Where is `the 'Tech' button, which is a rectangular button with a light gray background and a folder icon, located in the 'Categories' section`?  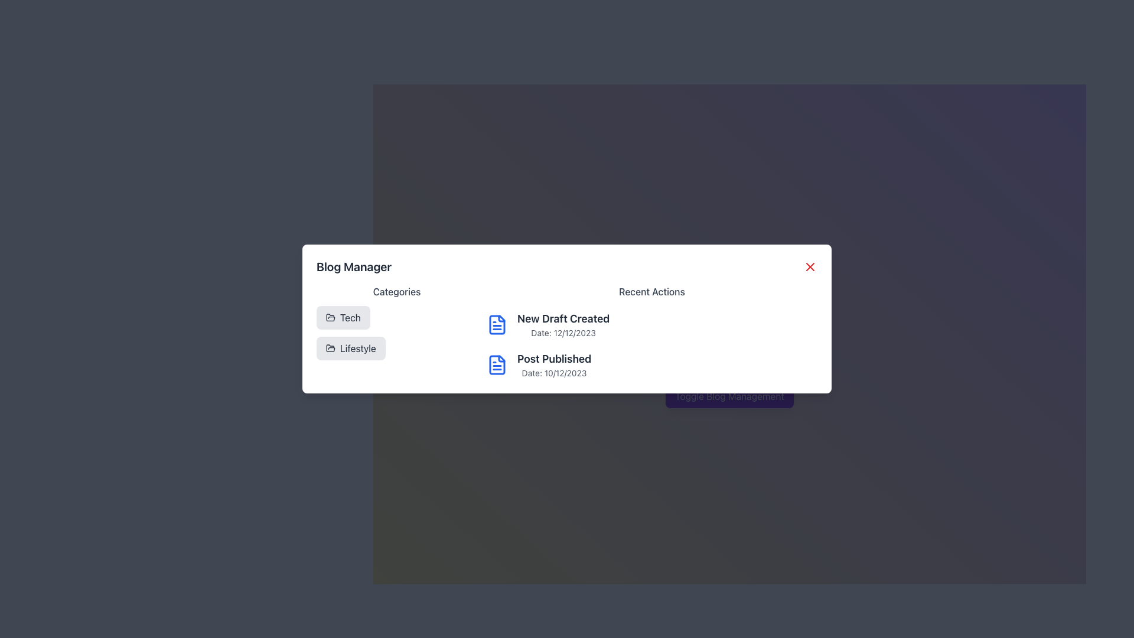
the 'Tech' button, which is a rectangular button with a light gray background and a folder icon, located in the 'Categories' section is located at coordinates (343, 317).